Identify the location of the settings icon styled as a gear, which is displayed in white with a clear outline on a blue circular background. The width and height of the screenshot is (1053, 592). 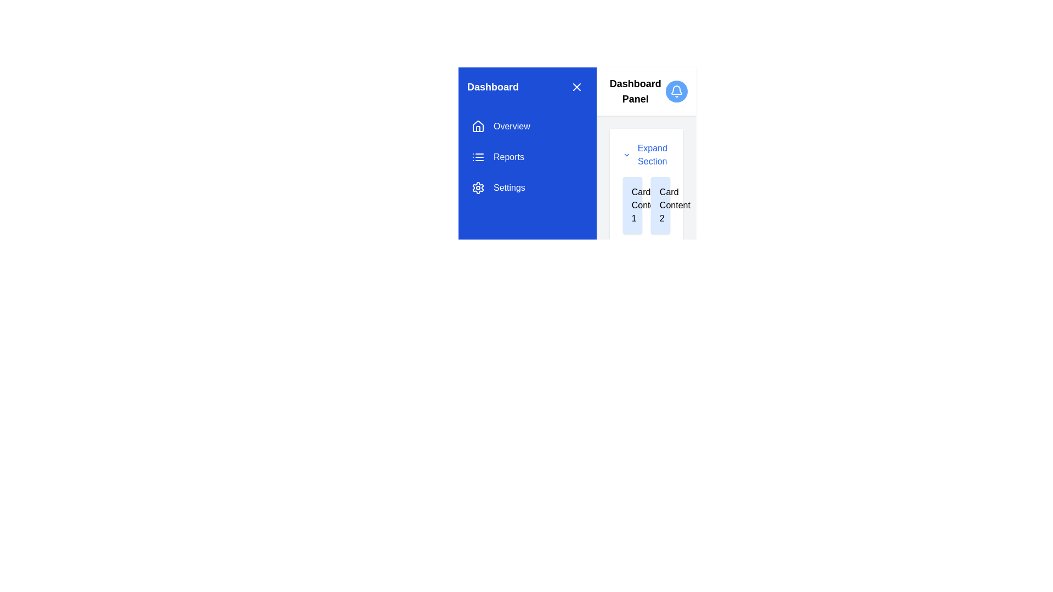
(478, 187).